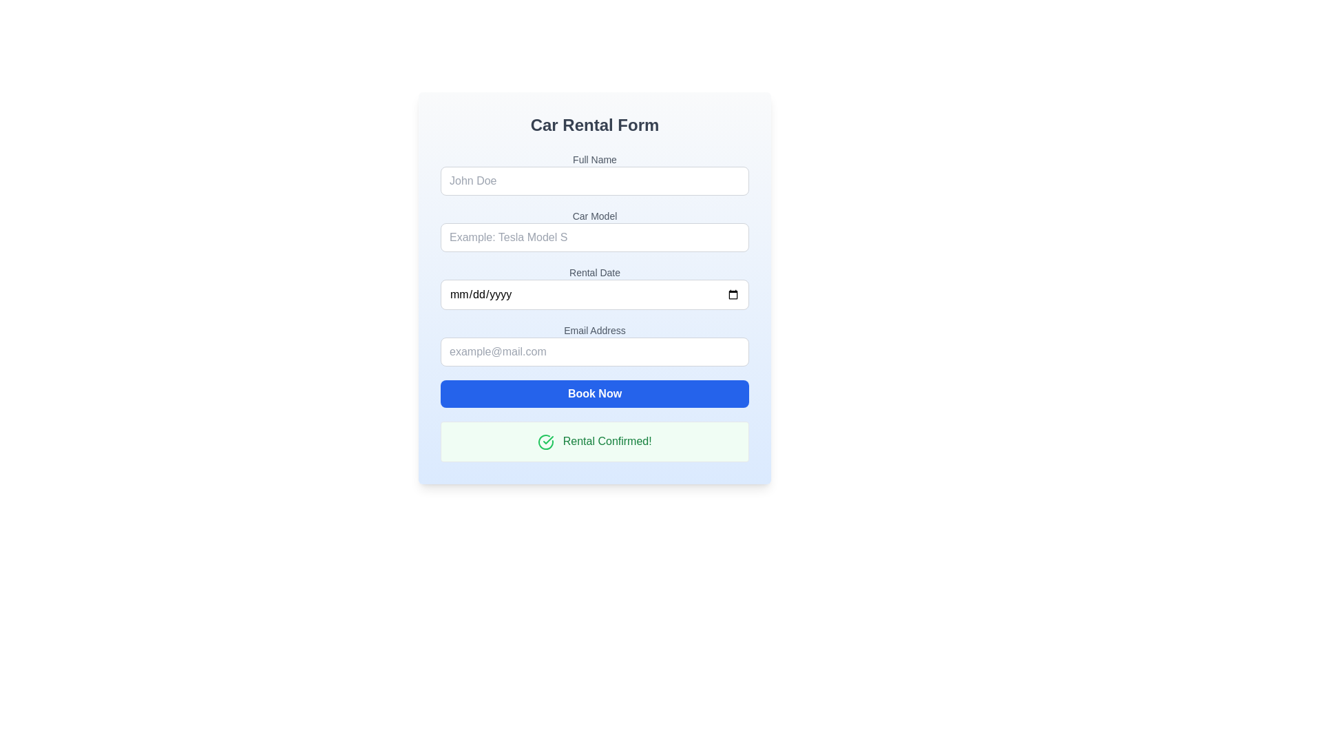  What do you see at coordinates (545, 442) in the screenshot?
I see `the success icon indicating a successful rental confirmation, which is positioned to the left of the text 'Rental Confirmed!' within a green box at the bottom of the main form section` at bounding box center [545, 442].